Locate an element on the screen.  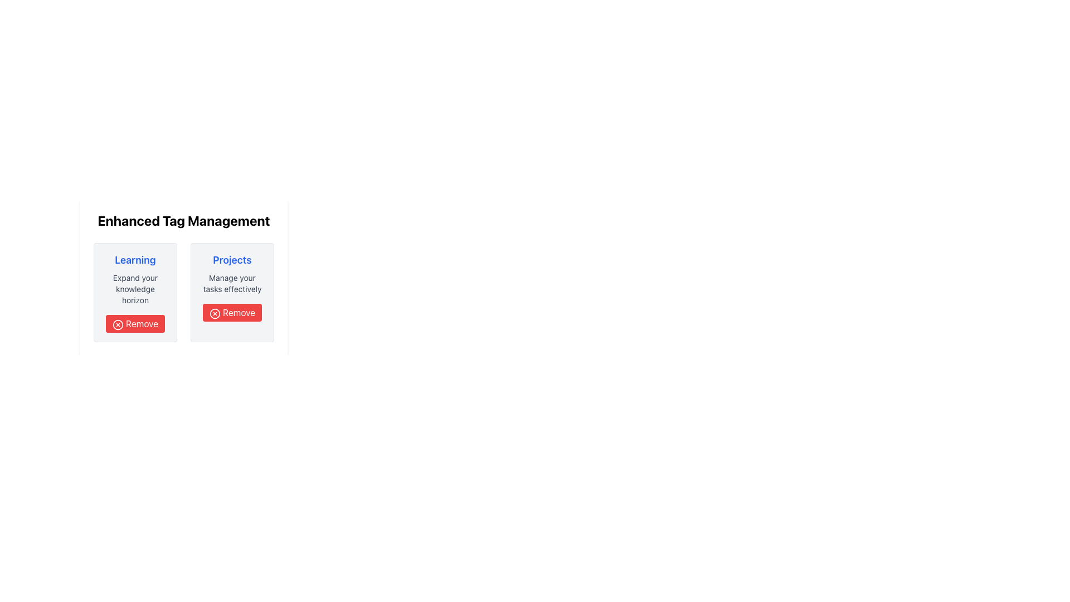
the static text element that provides descriptive information about the 'Learning' section, positioned below the 'Learning' text in the left-hand column is located at coordinates (135, 289).